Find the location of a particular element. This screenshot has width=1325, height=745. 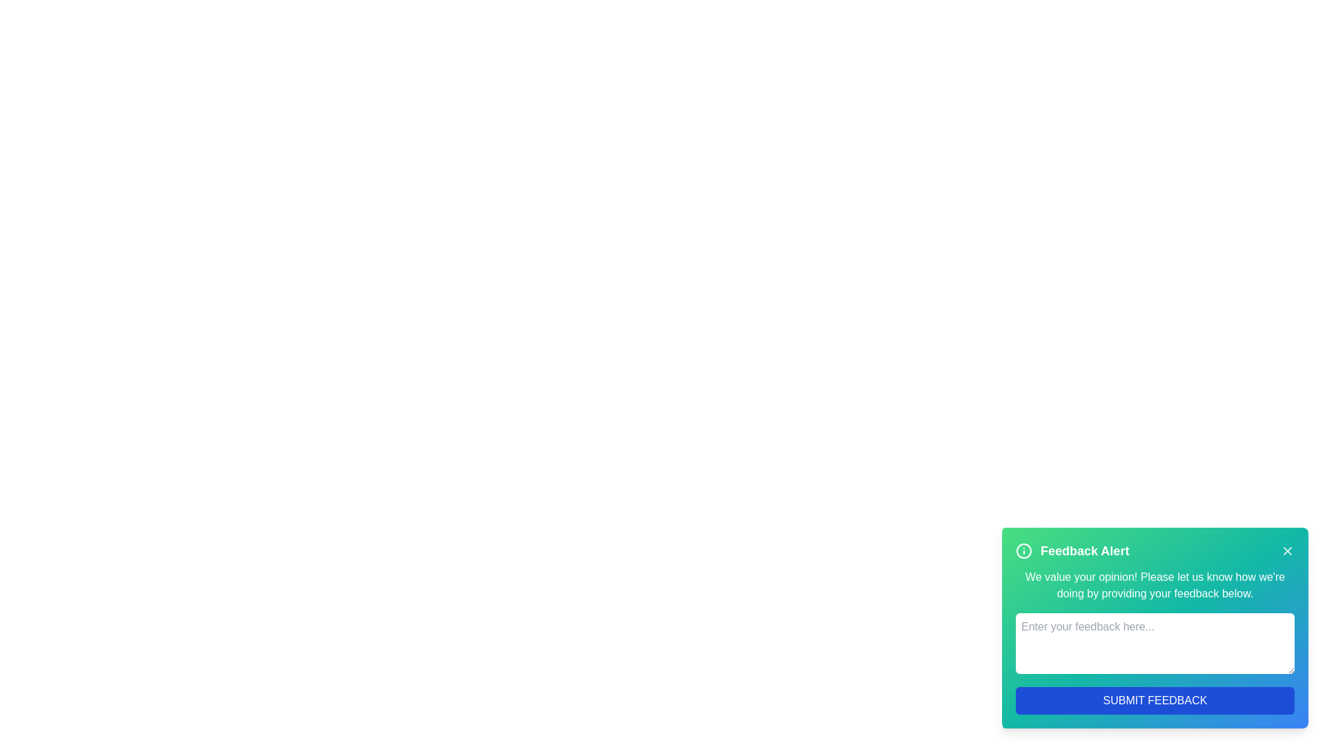

the submit button to submit the feedback is located at coordinates (1155, 700).